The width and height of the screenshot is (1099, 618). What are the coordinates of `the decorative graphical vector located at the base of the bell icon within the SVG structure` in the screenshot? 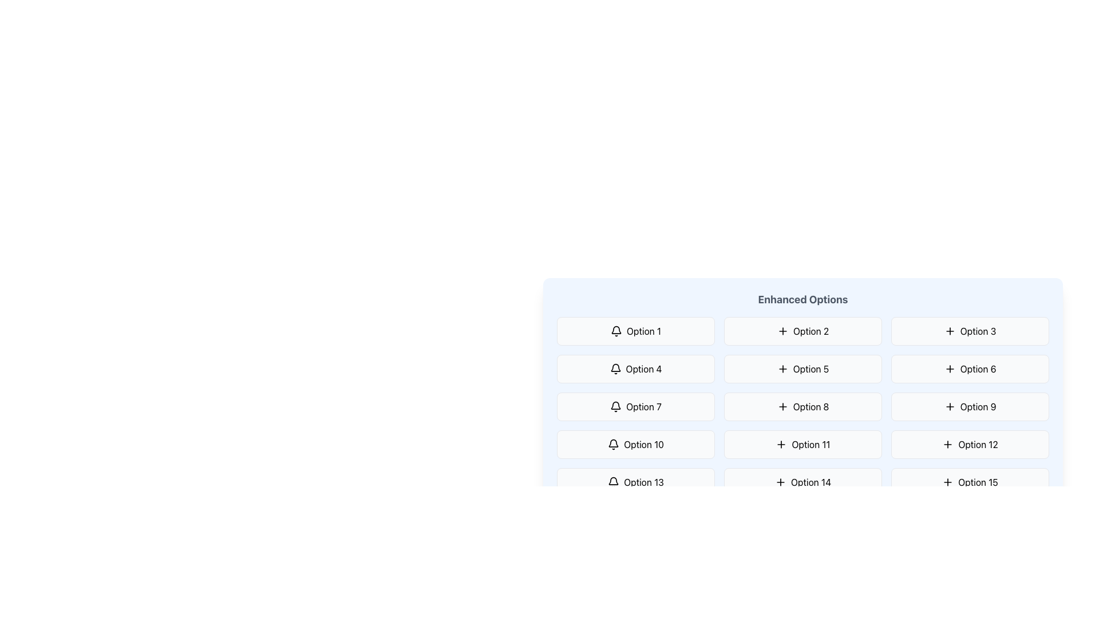 It's located at (613, 481).